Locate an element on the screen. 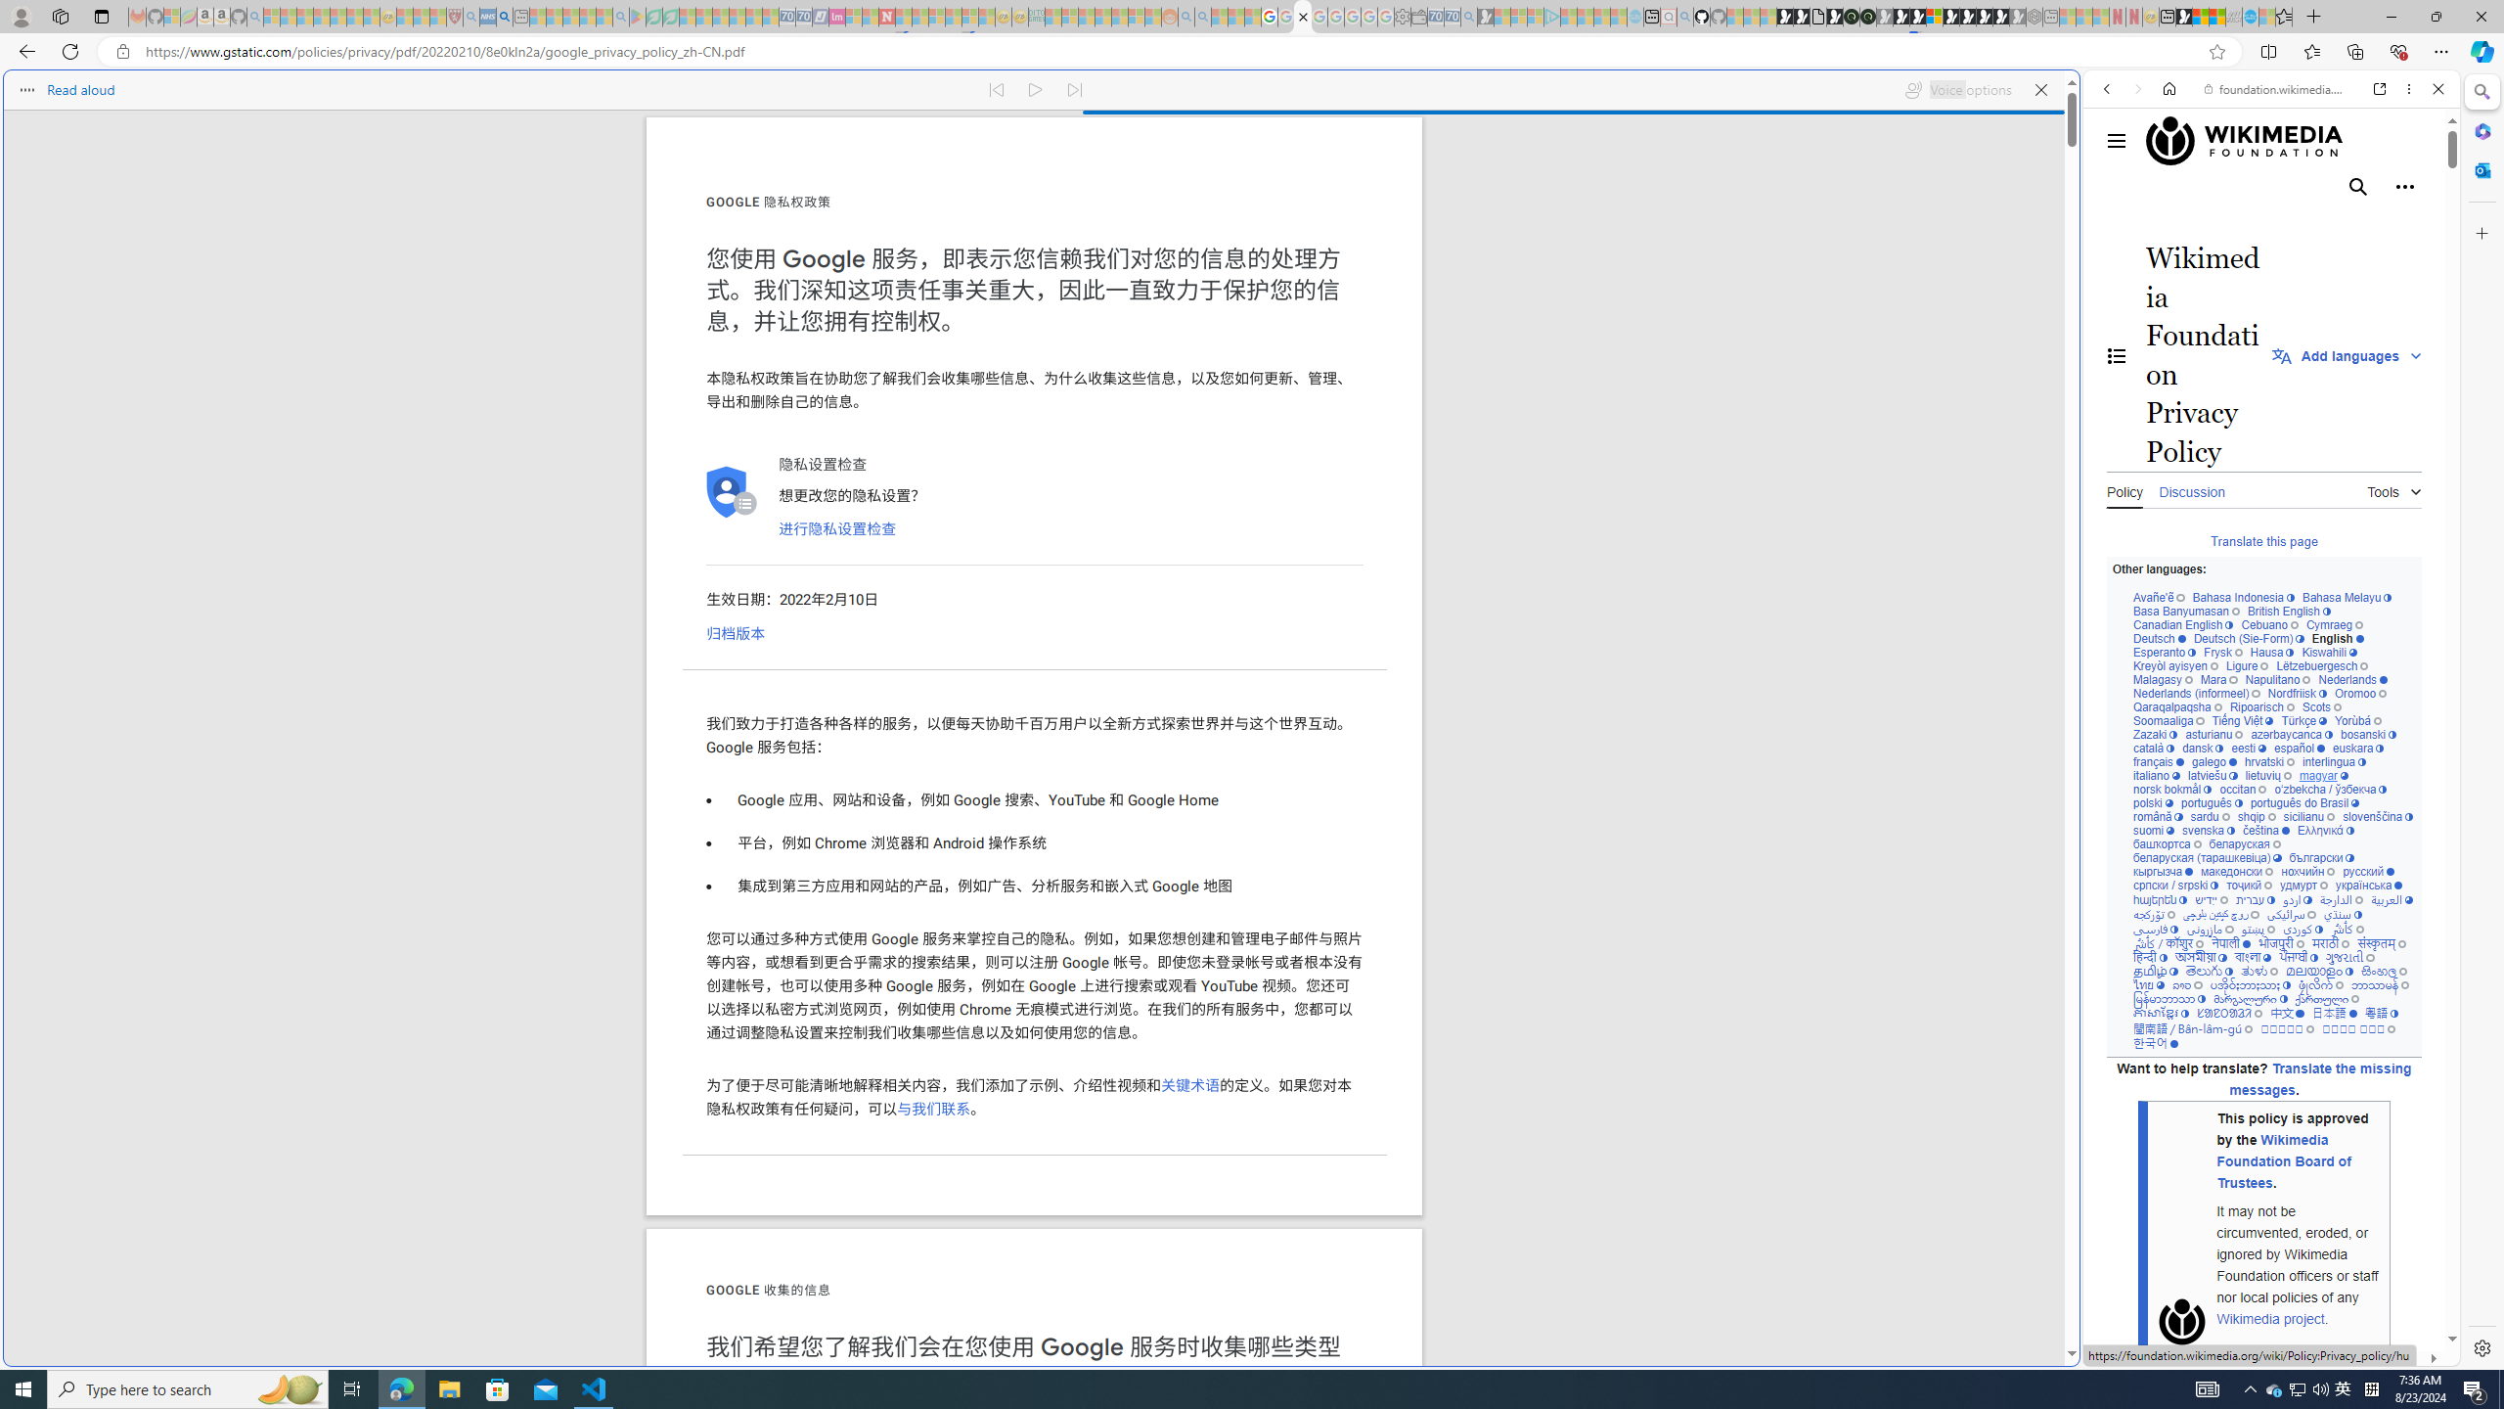 This screenshot has height=1409, width=2504. 'google - Search - Sleeping' is located at coordinates (619, 16).